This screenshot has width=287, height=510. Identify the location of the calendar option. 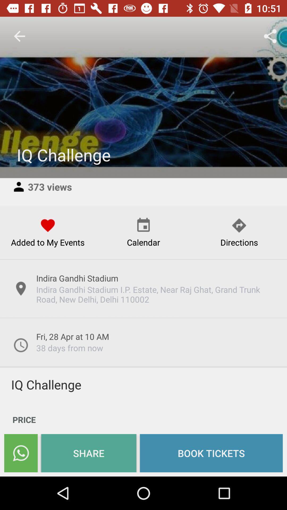
(143, 232).